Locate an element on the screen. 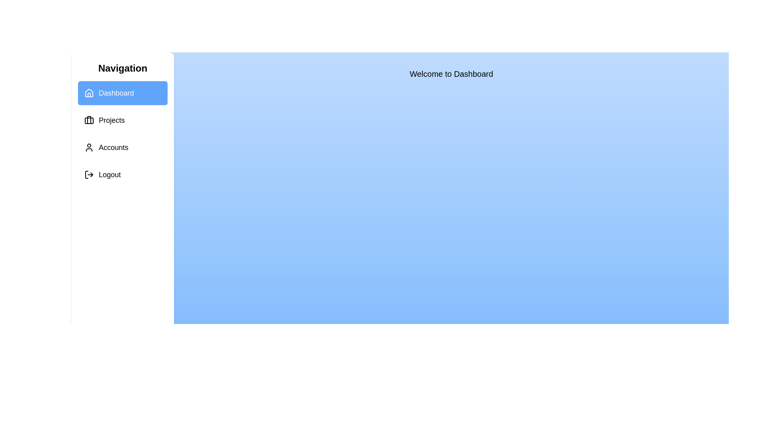  the menu item Dashboard to navigate to the corresponding section is located at coordinates (122, 92).